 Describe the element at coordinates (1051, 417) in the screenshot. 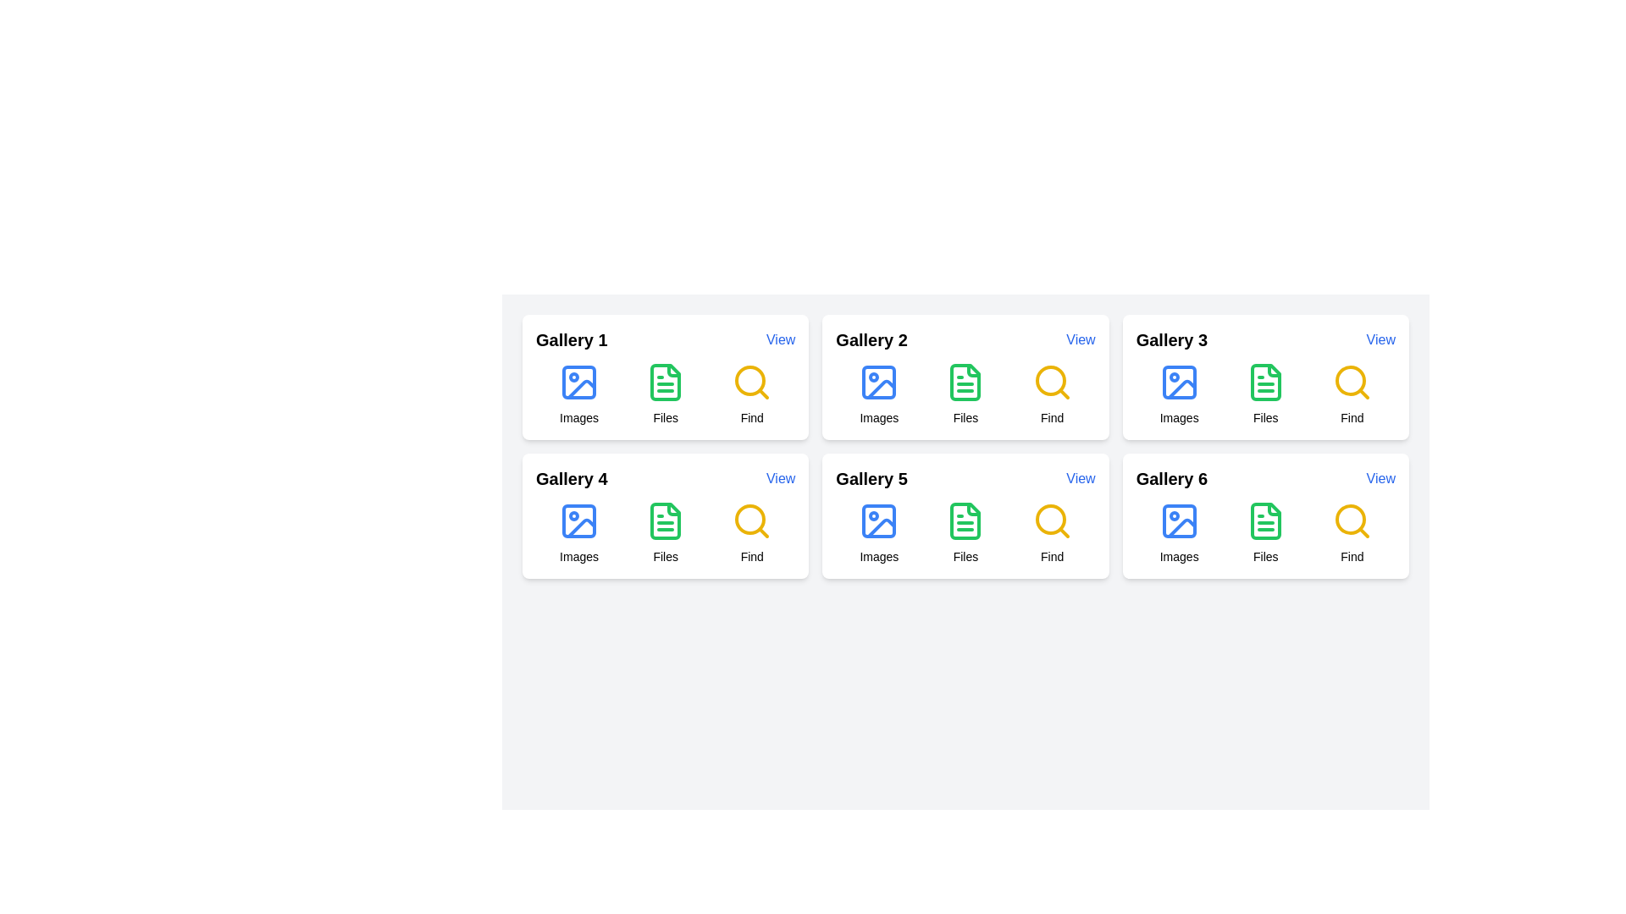

I see `the 'Find' text label located in the 'Gallery 2' card, which is positioned centrally below the circular magnifying glass icon` at that location.